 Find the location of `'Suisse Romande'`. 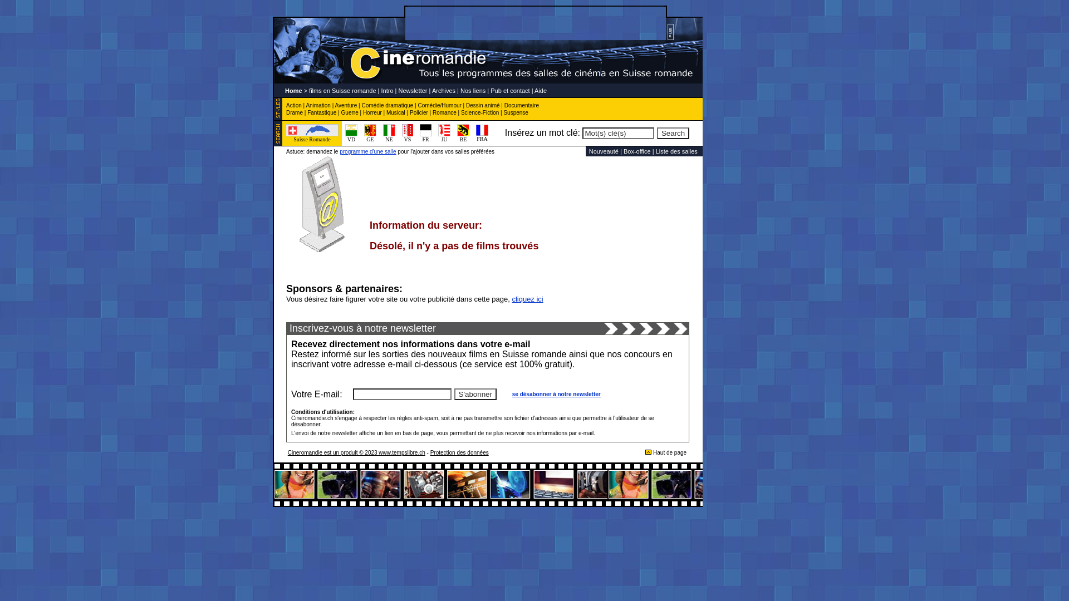

'Suisse Romande' is located at coordinates (312, 136).